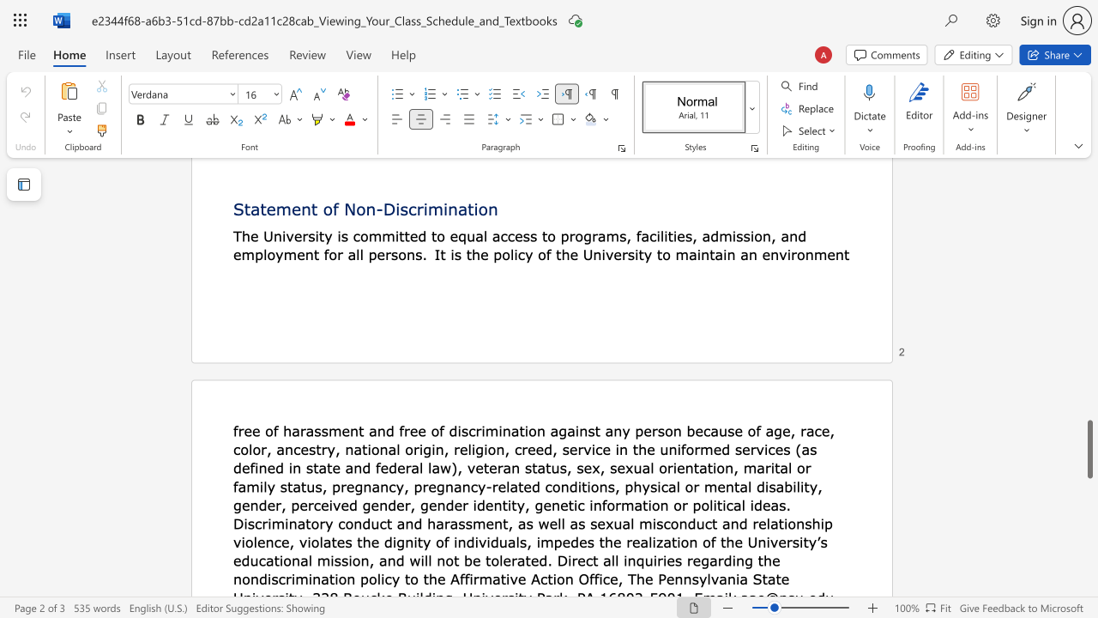 The height and width of the screenshot is (618, 1098). I want to click on the scrollbar to slide the page up, so click(1089, 299).